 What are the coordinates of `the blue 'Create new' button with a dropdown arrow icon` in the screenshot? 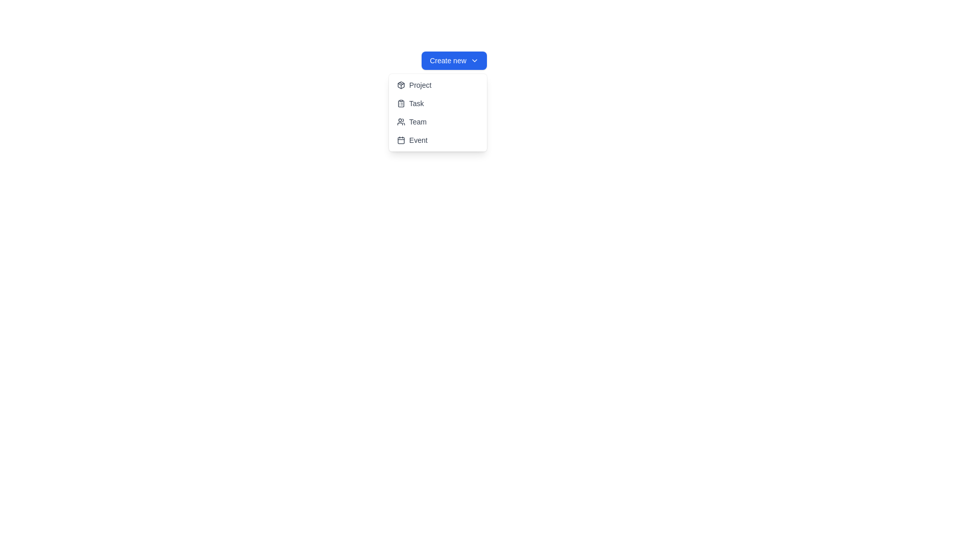 It's located at (453, 61).